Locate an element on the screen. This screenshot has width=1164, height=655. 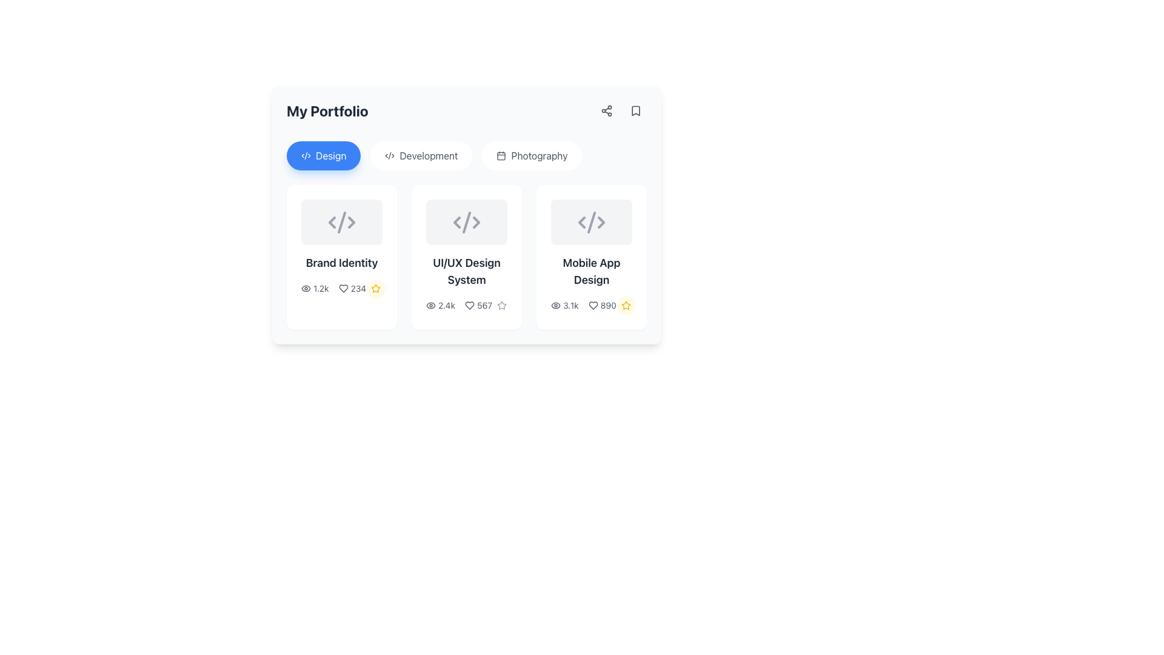
the 'Mobile App Design' text label displayed in a bold, dark font, located in the third card from the left, near the top of the card is located at coordinates (591, 270).